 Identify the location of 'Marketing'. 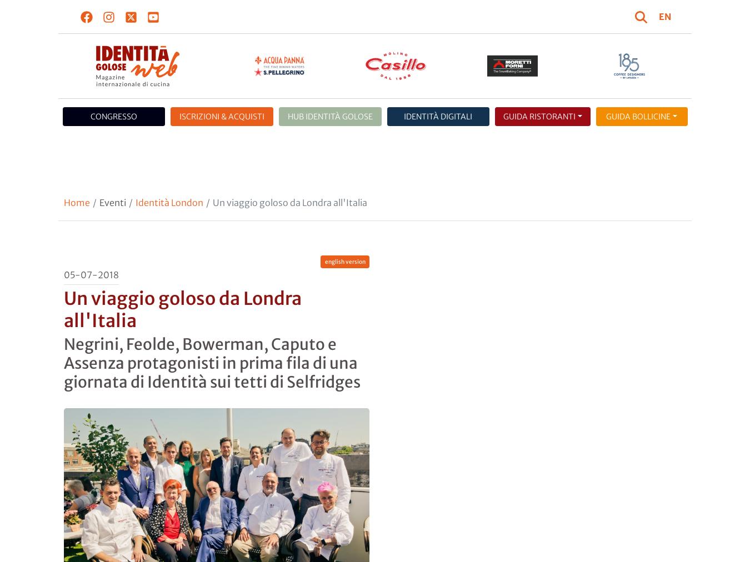
(392, 119).